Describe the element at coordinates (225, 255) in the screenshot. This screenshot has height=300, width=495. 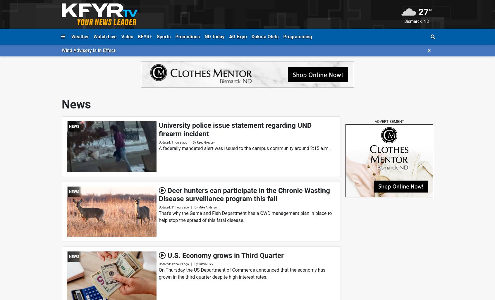
I see `'U.S. Economy grows in Third Quarter'` at that location.